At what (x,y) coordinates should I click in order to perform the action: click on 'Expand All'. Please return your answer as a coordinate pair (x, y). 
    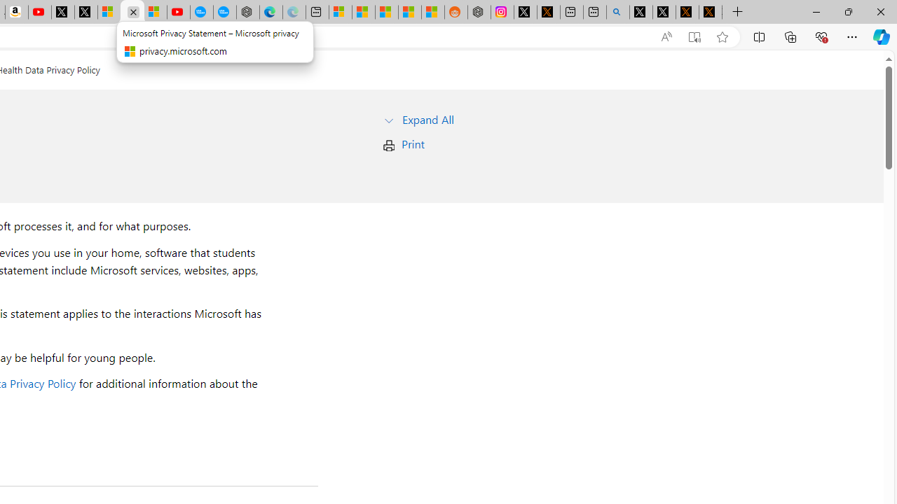
    Looking at the image, I should click on (427, 118).